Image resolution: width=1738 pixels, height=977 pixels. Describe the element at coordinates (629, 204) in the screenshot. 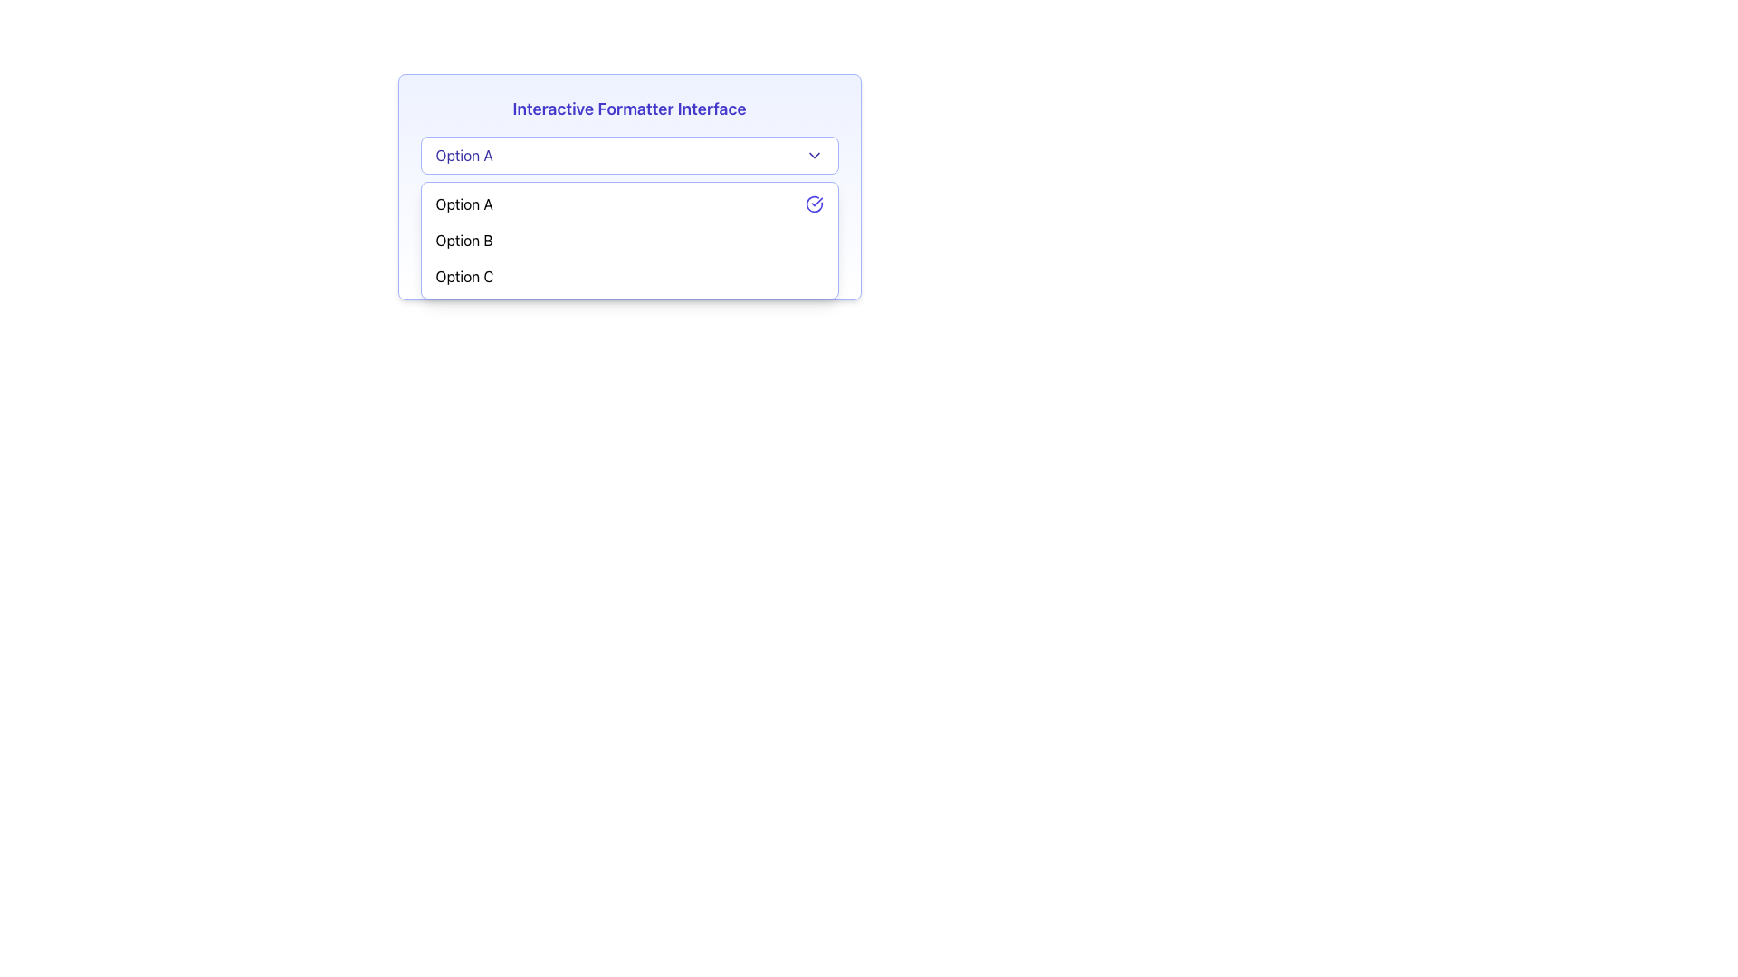

I see `the first item in the dropdown list` at that location.